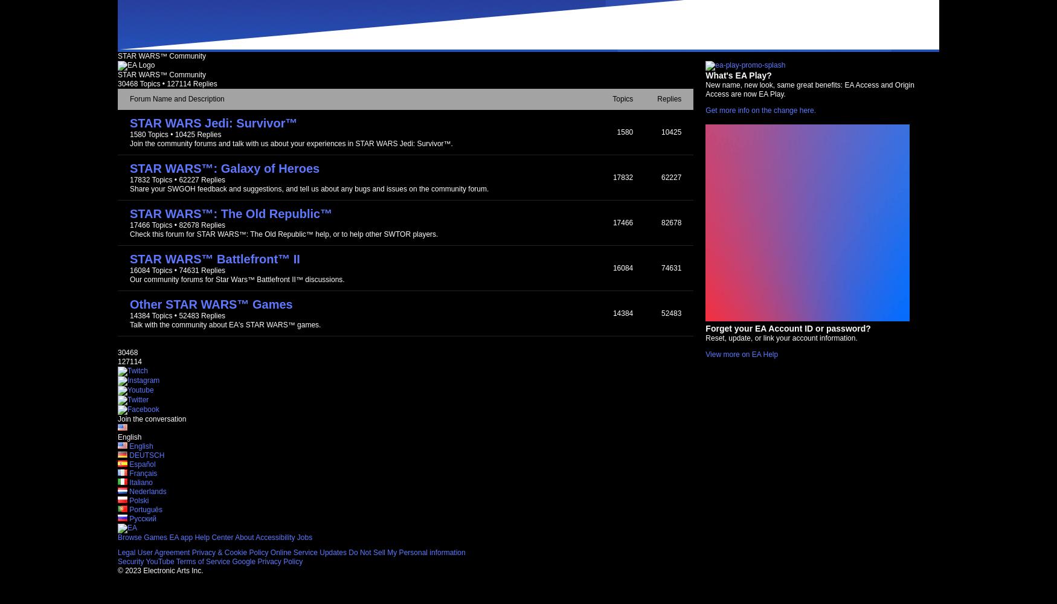  I want to click on 'Talk with the community about EA's STAR WARS™ games.', so click(225, 325).